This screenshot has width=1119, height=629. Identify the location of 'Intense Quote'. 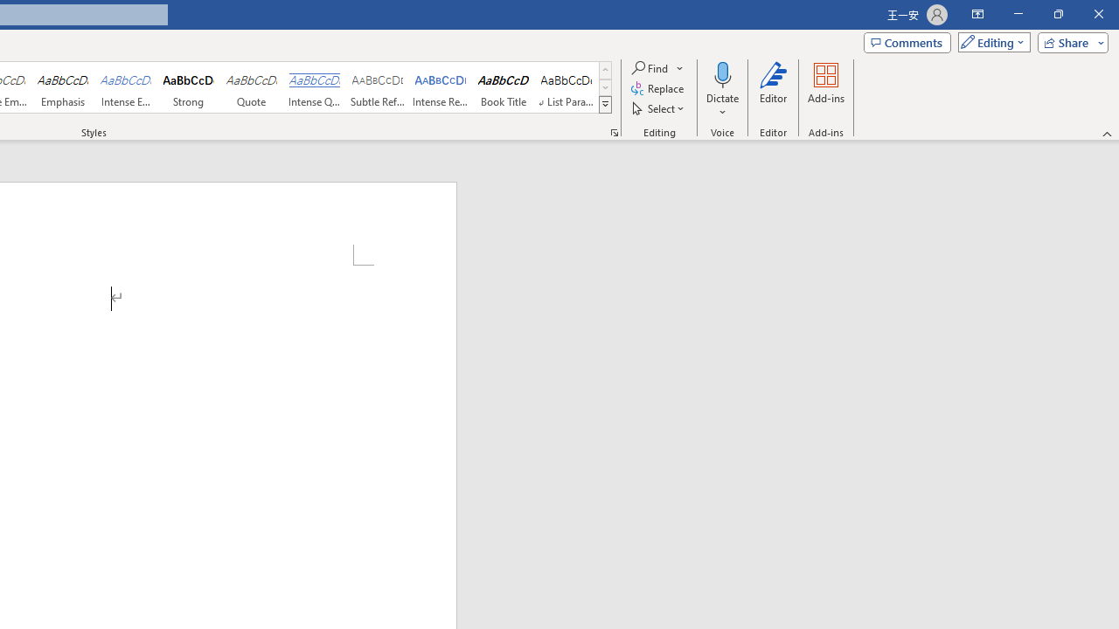
(314, 87).